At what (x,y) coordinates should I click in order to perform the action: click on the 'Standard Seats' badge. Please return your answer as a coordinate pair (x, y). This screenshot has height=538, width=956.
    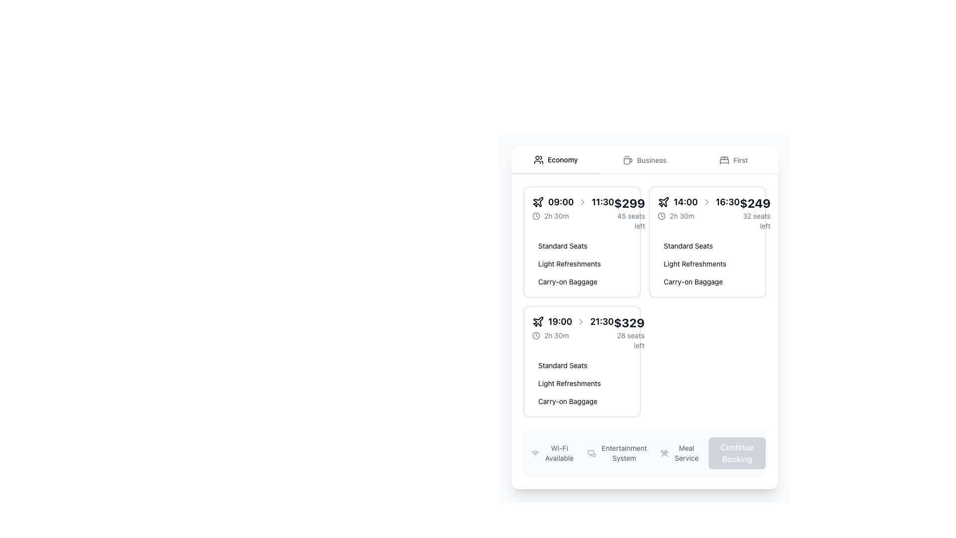
    Looking at the image, I should click on (563, 246).